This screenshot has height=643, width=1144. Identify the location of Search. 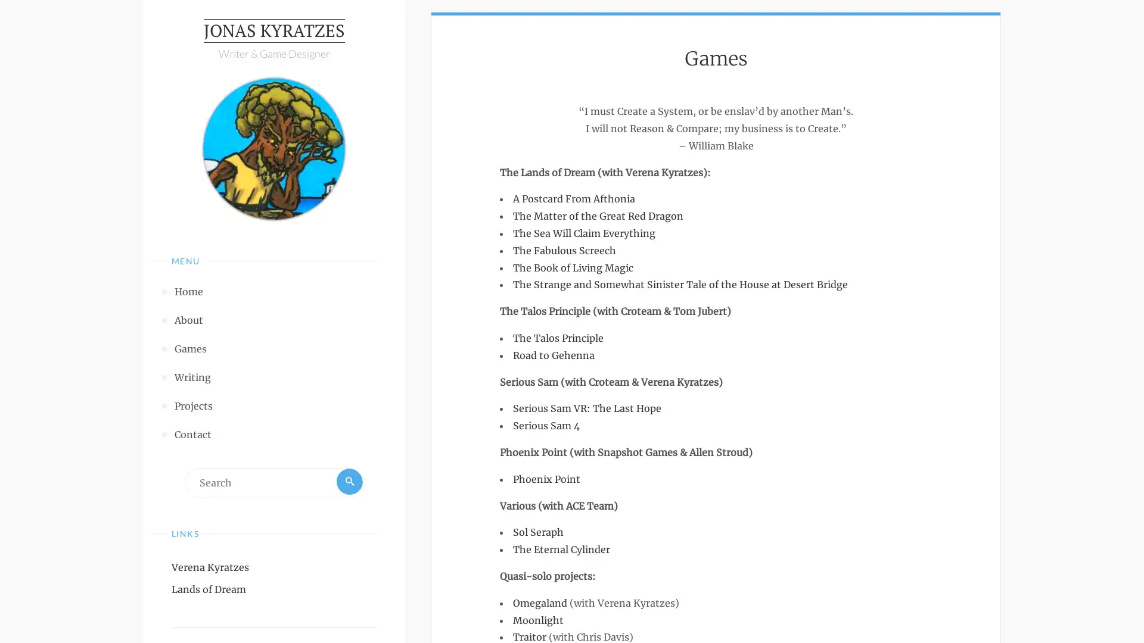
(348, 485).